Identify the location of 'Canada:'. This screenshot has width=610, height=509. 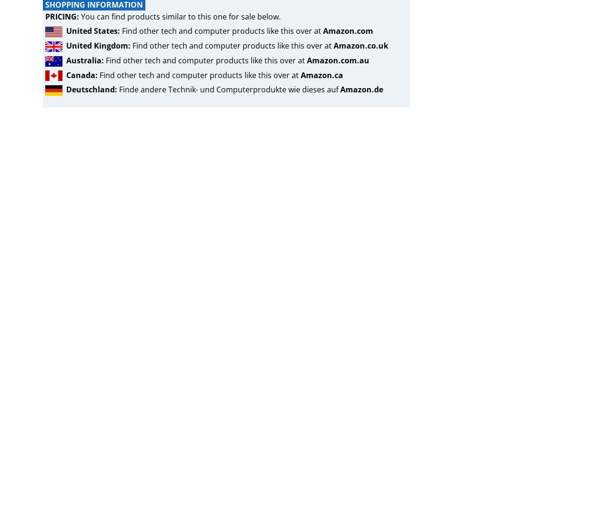
(66, 75).